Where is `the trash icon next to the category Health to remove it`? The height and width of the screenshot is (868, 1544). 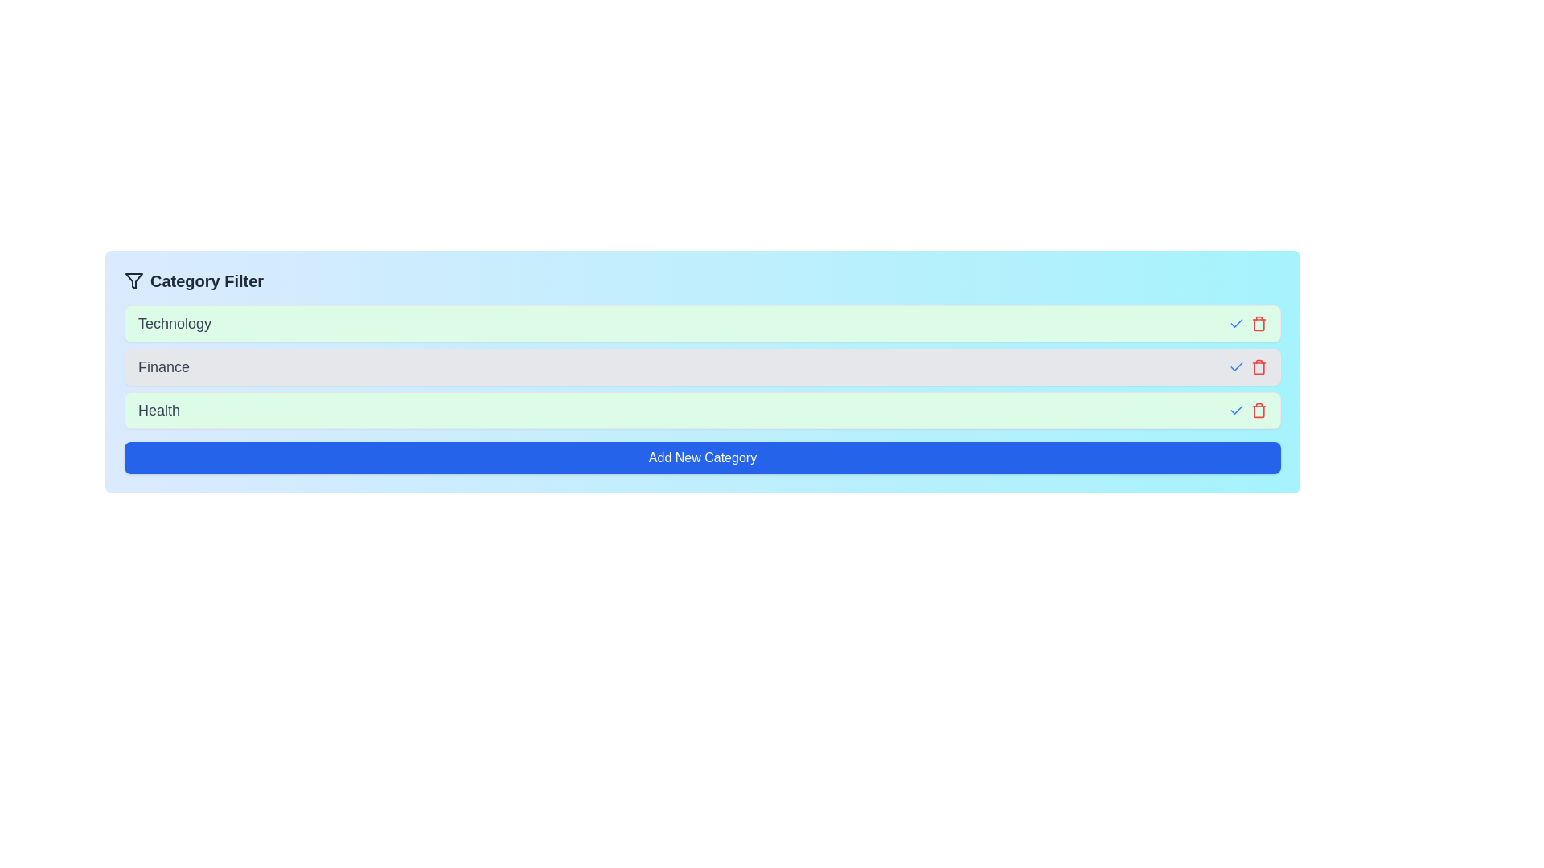 the trash icon next to the category Health to remove it is located at coordinates (1258, 409).